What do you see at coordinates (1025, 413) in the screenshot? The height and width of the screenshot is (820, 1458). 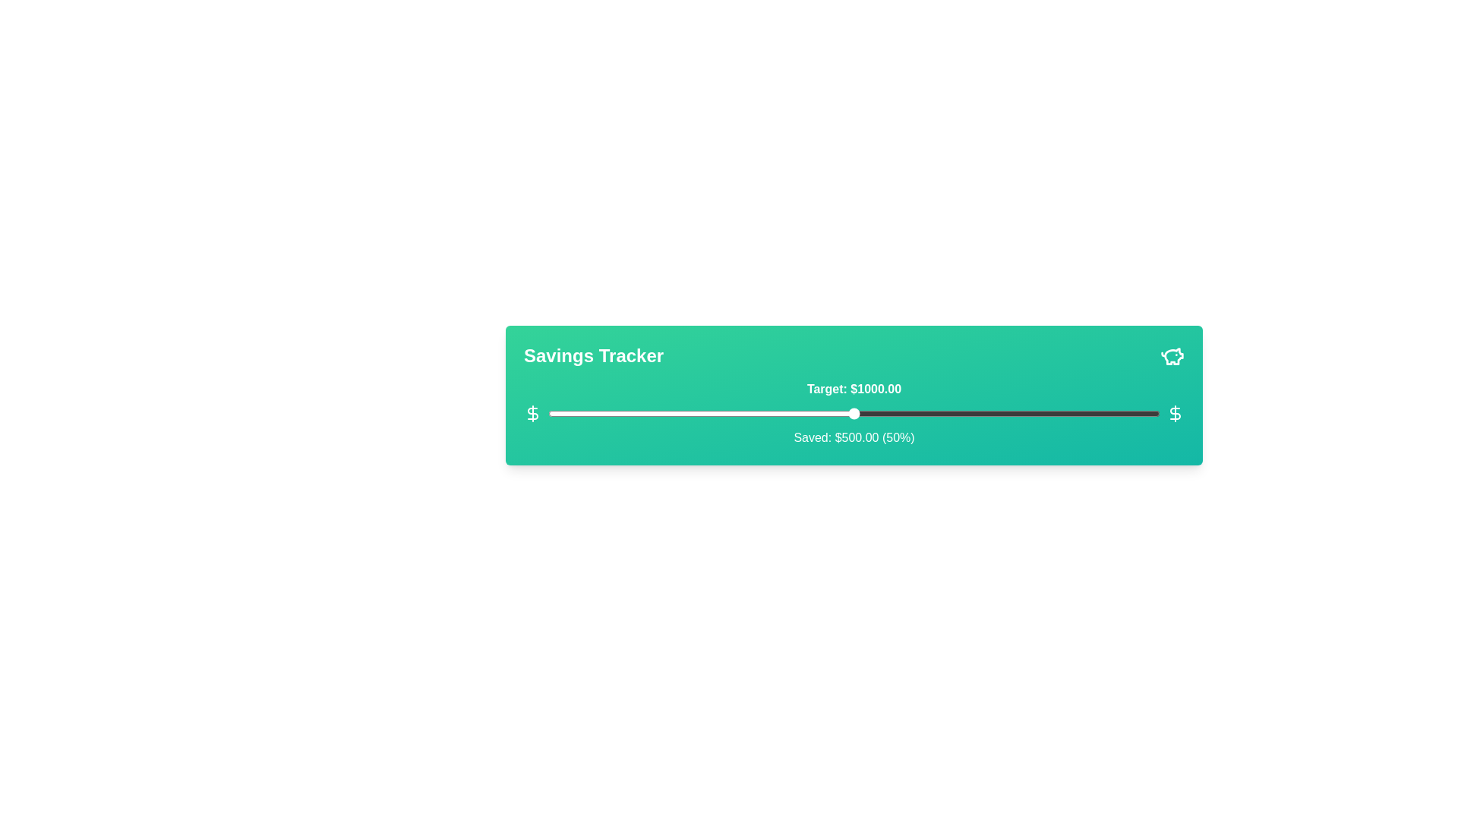 I see `the savings tracker` at bounding box center [1025, 413].